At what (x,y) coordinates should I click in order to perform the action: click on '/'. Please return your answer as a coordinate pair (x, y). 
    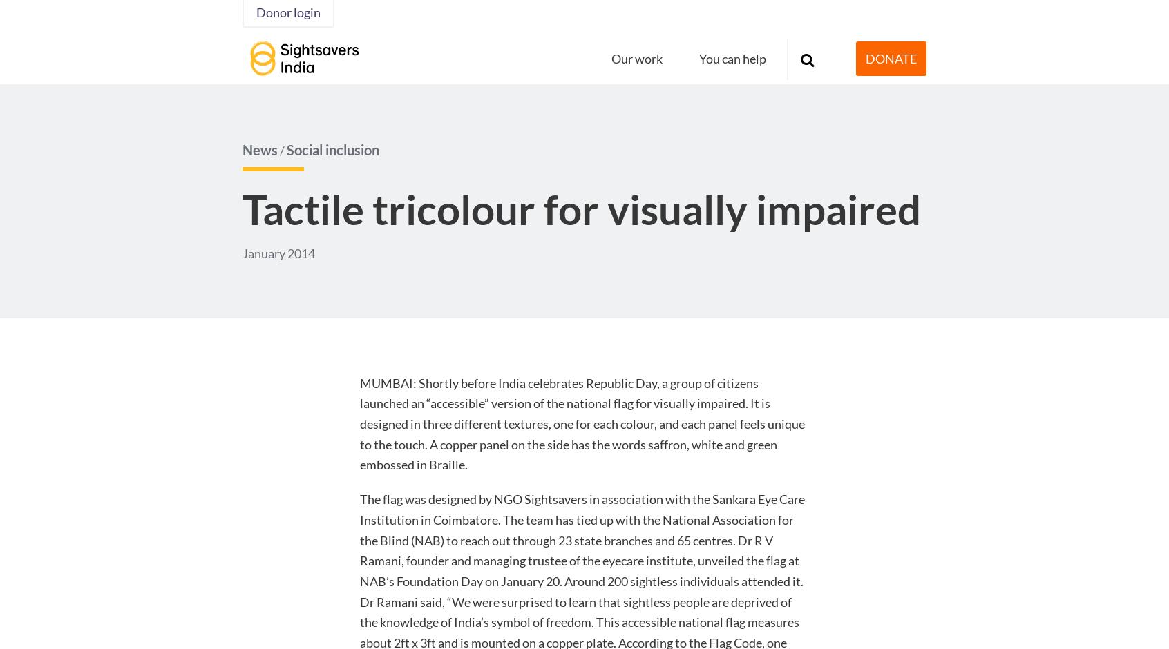
    Looking at the image, I should click on (282, 149).